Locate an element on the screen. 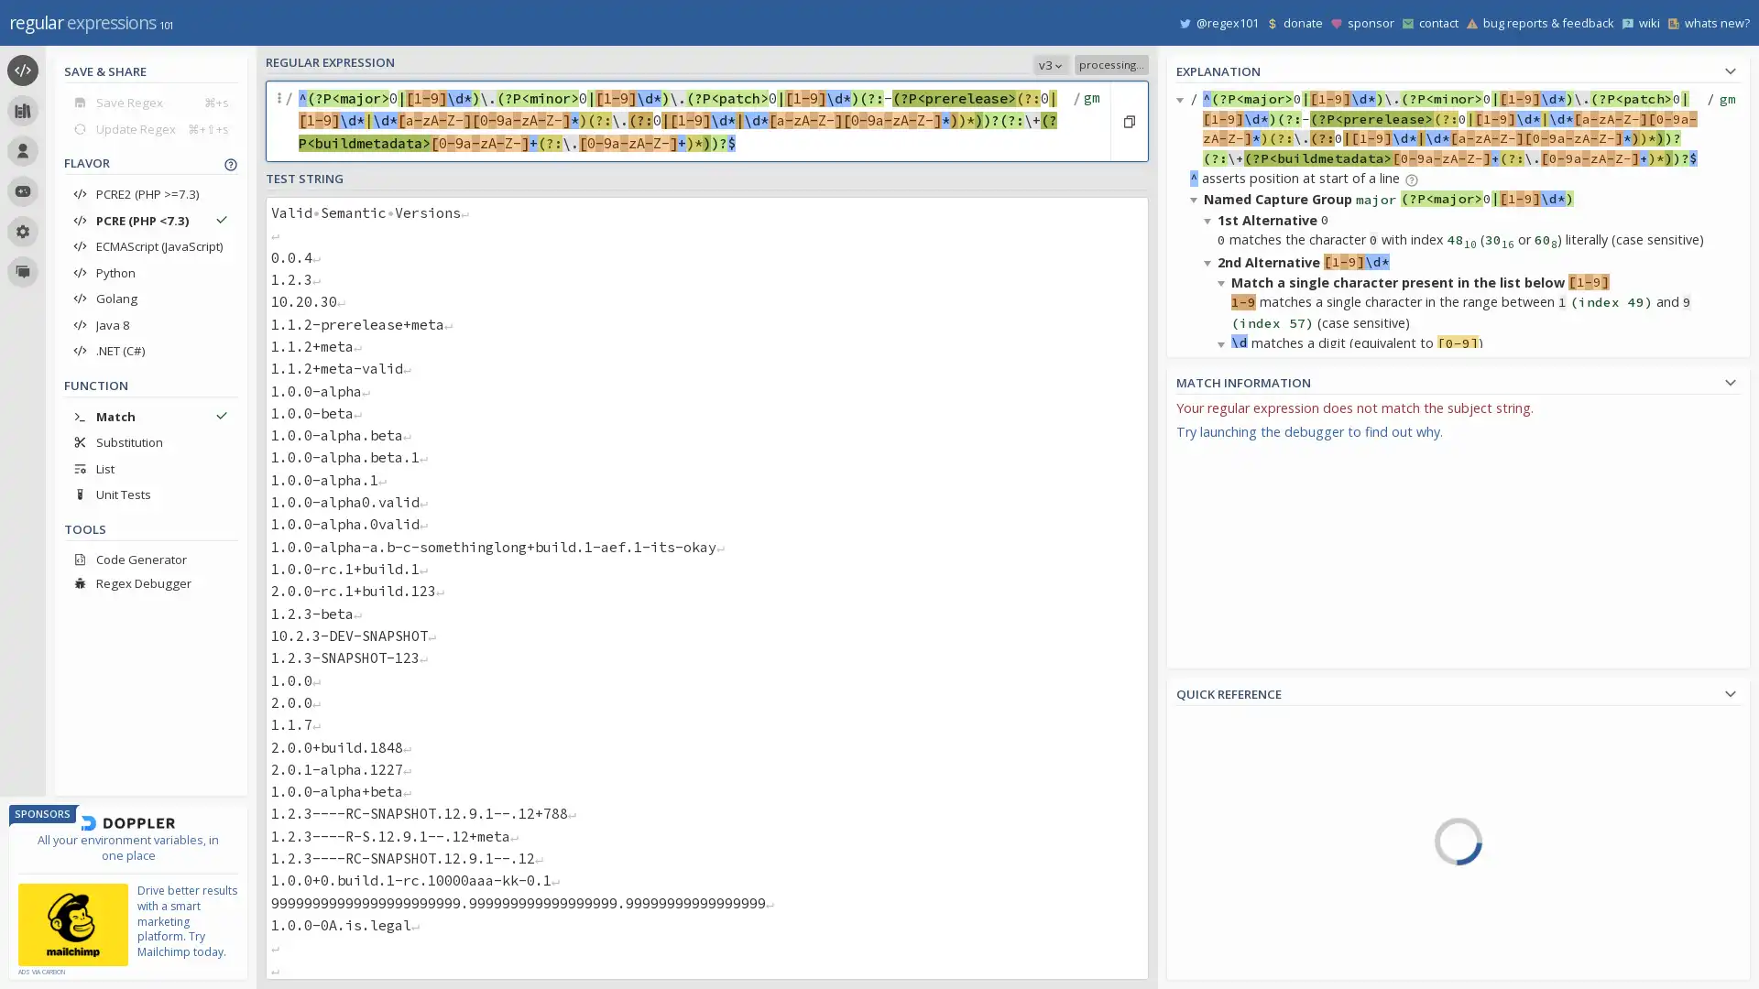  Flags/Modifiers is located at coordinates (1262, 967).